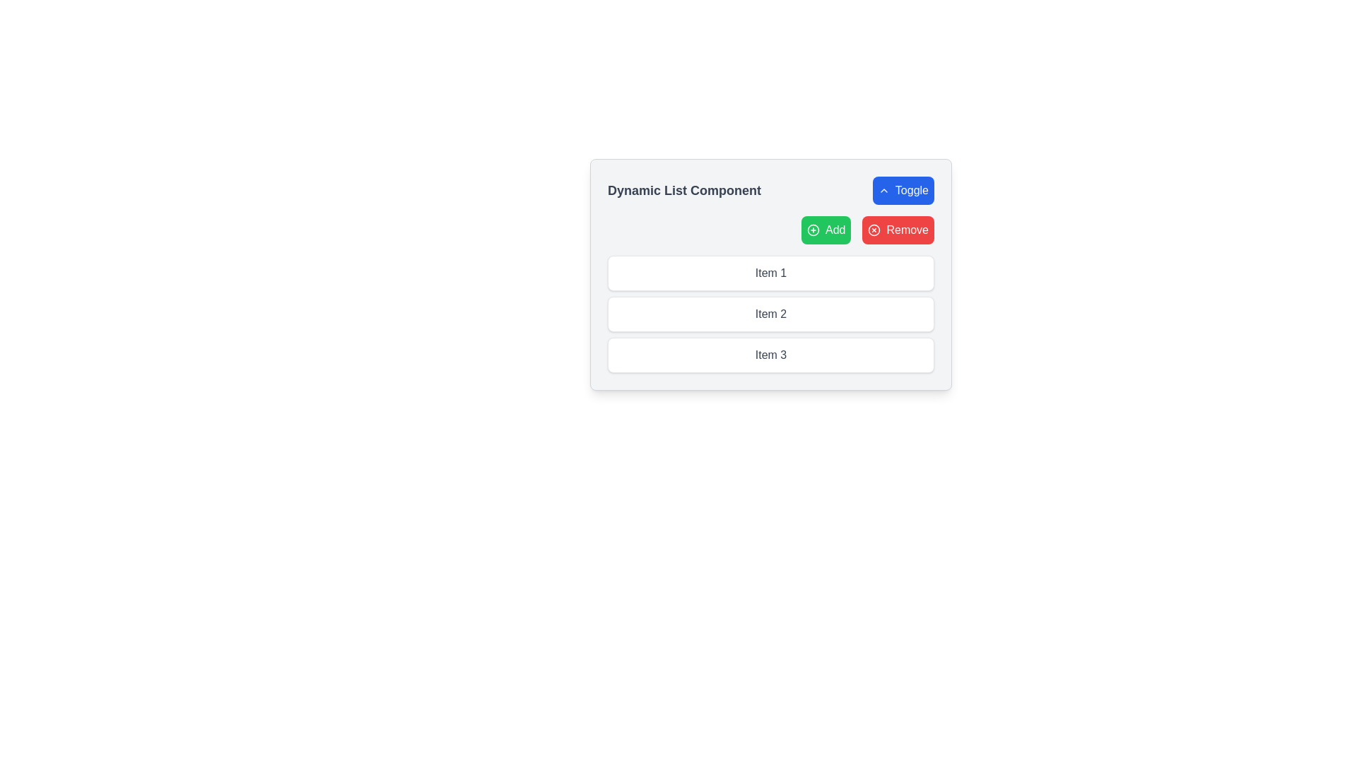  Describe the element at coordinates (826, 230) in the screenshot. I see `the 'Add' button located at the bottom right of the 'Dynamic List Component'` at that location.